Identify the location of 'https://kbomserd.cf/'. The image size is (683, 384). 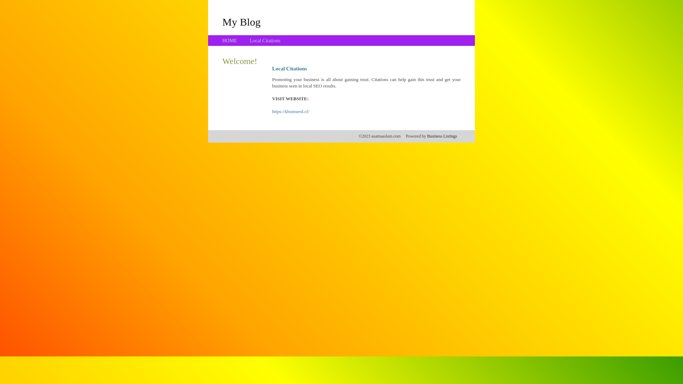
(290, 111).